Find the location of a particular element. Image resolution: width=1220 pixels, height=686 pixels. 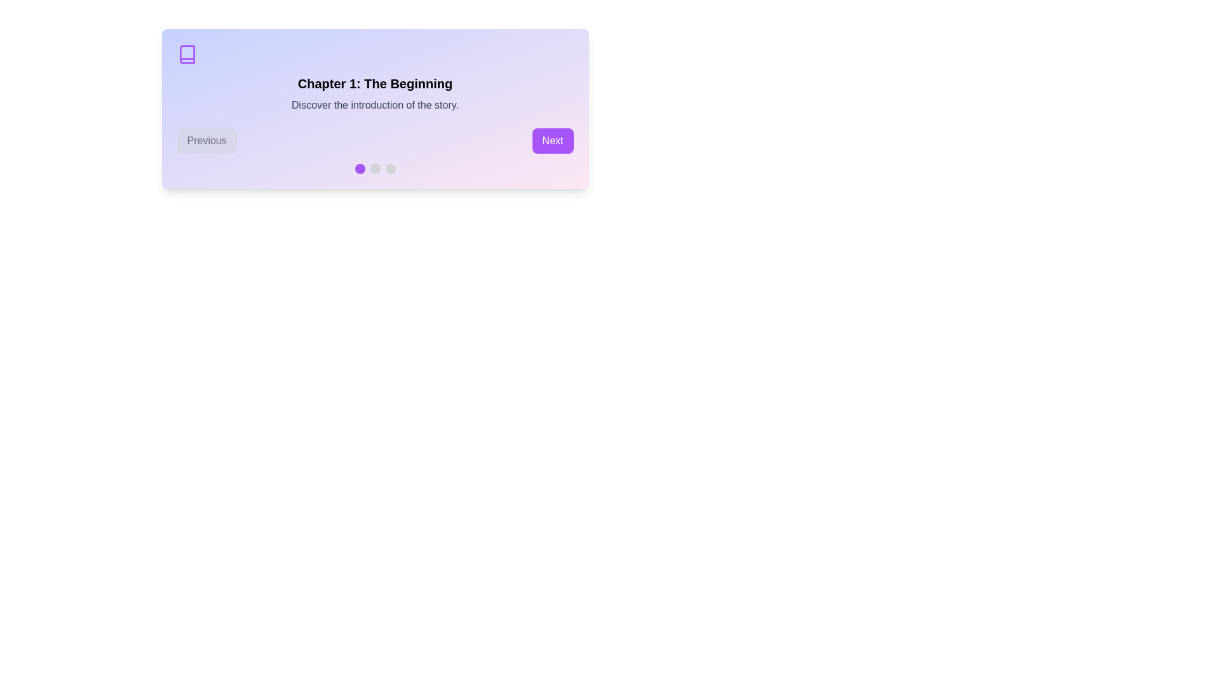

the chapter indicator dot corresponding to 2 is located at coordinates (374, 168).